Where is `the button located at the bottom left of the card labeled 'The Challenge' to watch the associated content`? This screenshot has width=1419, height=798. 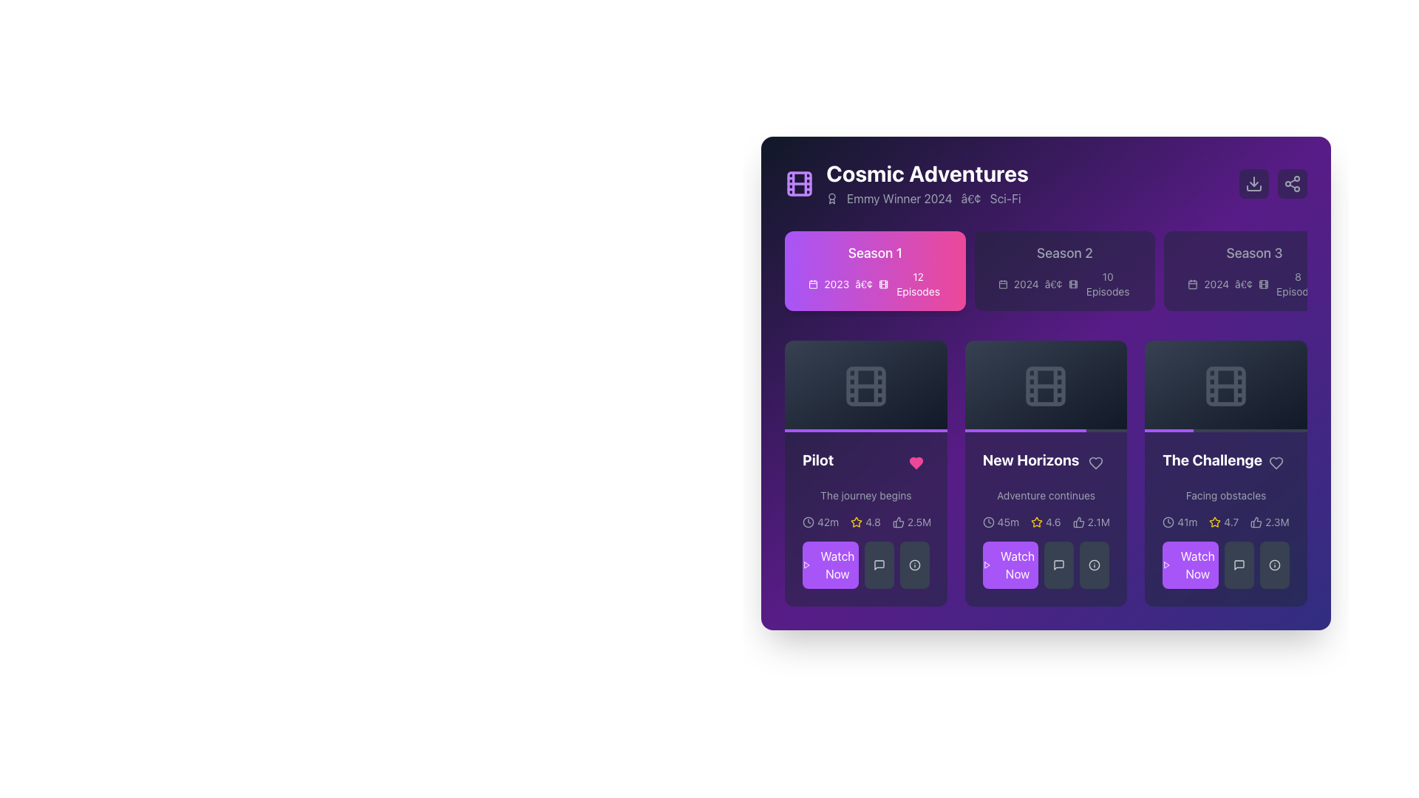
the button located at the bottom left of the card labeled 'The Challenge' to watch the associated content is located at coordinates (1226, 565).